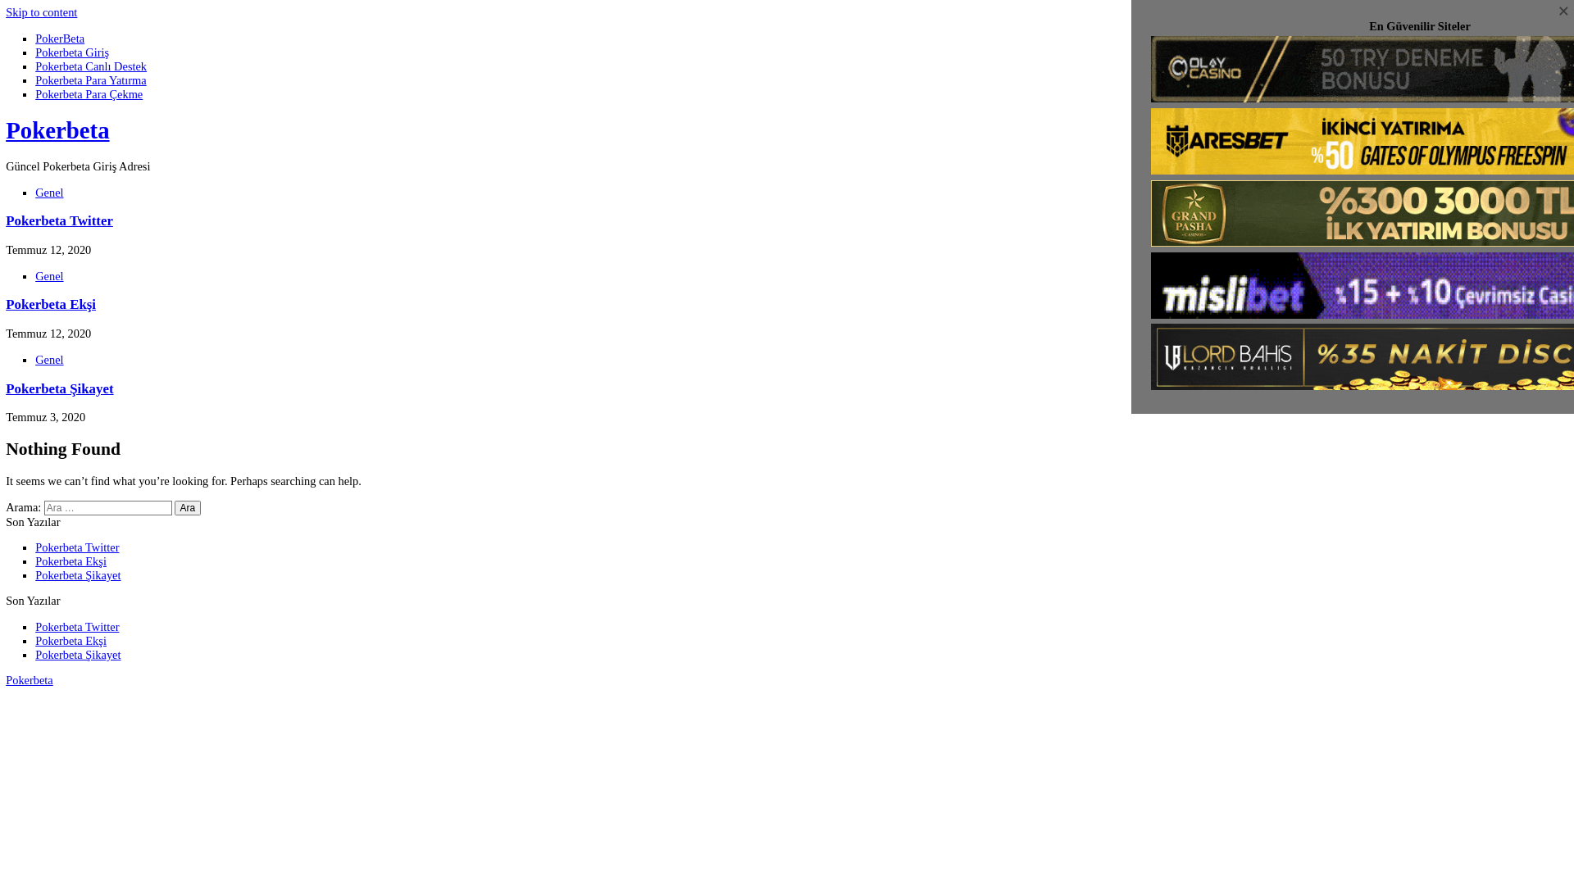  Describe the element at coordinates (39, 696) in the screenshot. I see `'Pokerbeta Twitter'` at that location.